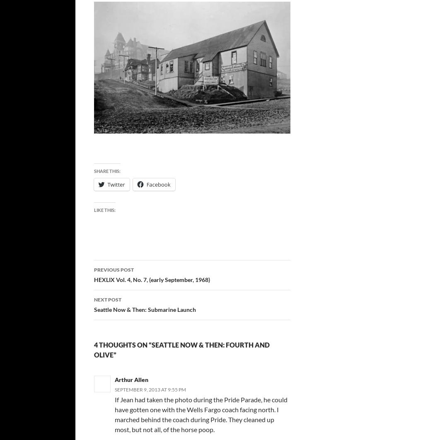 Image resolution: width=435 pixels, height=440 pixels. What do you see at coordinates (107, 184) in the screenshot?
I see `'Twitter'` at bounding box center [107, 184].